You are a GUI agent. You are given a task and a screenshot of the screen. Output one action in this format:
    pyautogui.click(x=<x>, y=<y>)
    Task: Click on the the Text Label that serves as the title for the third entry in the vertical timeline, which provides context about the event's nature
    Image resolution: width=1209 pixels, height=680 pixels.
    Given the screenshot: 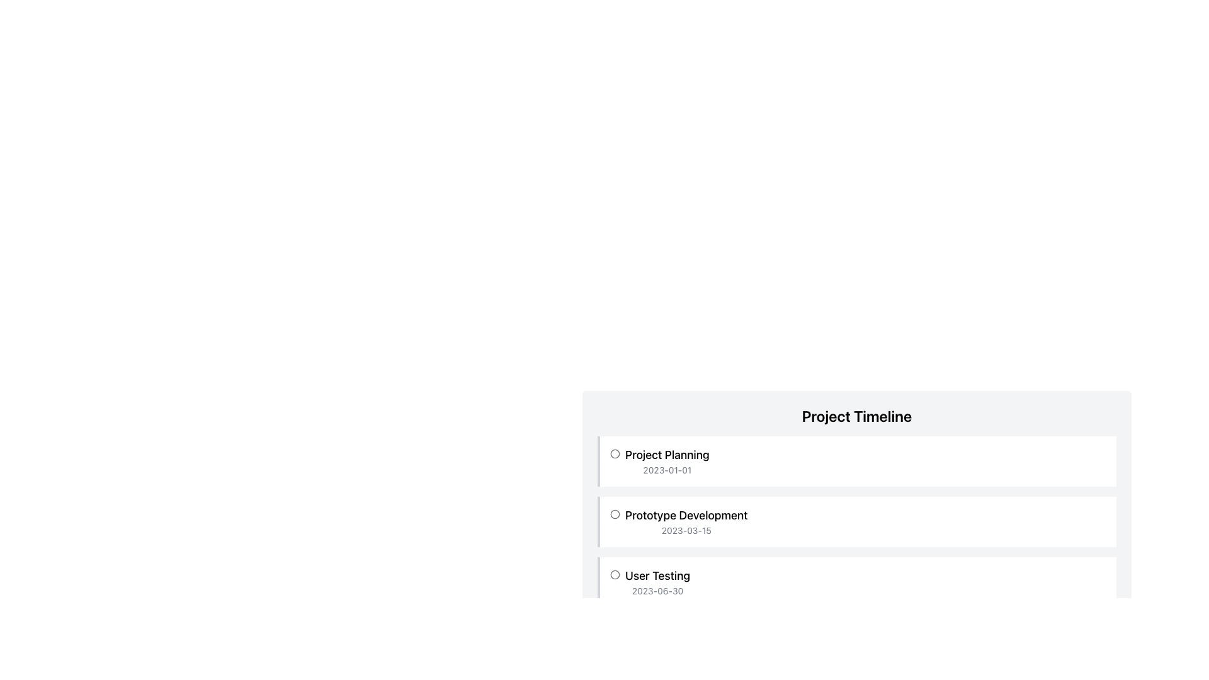 What is the action you would take?
    pyautogui.click(x=657, y=575)
    